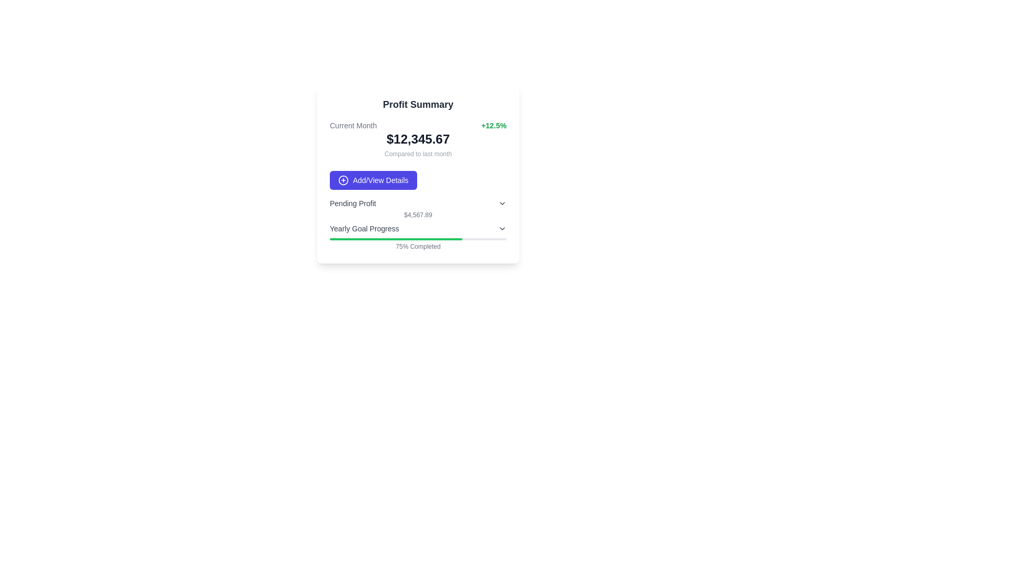 The image size is (1010, 568). I want to click on the Progress Bar located under the 'Yearly Goal Progress' label in the 'Profit Summary' card, which is filled three-quarters with a green color, so click(418, 239).